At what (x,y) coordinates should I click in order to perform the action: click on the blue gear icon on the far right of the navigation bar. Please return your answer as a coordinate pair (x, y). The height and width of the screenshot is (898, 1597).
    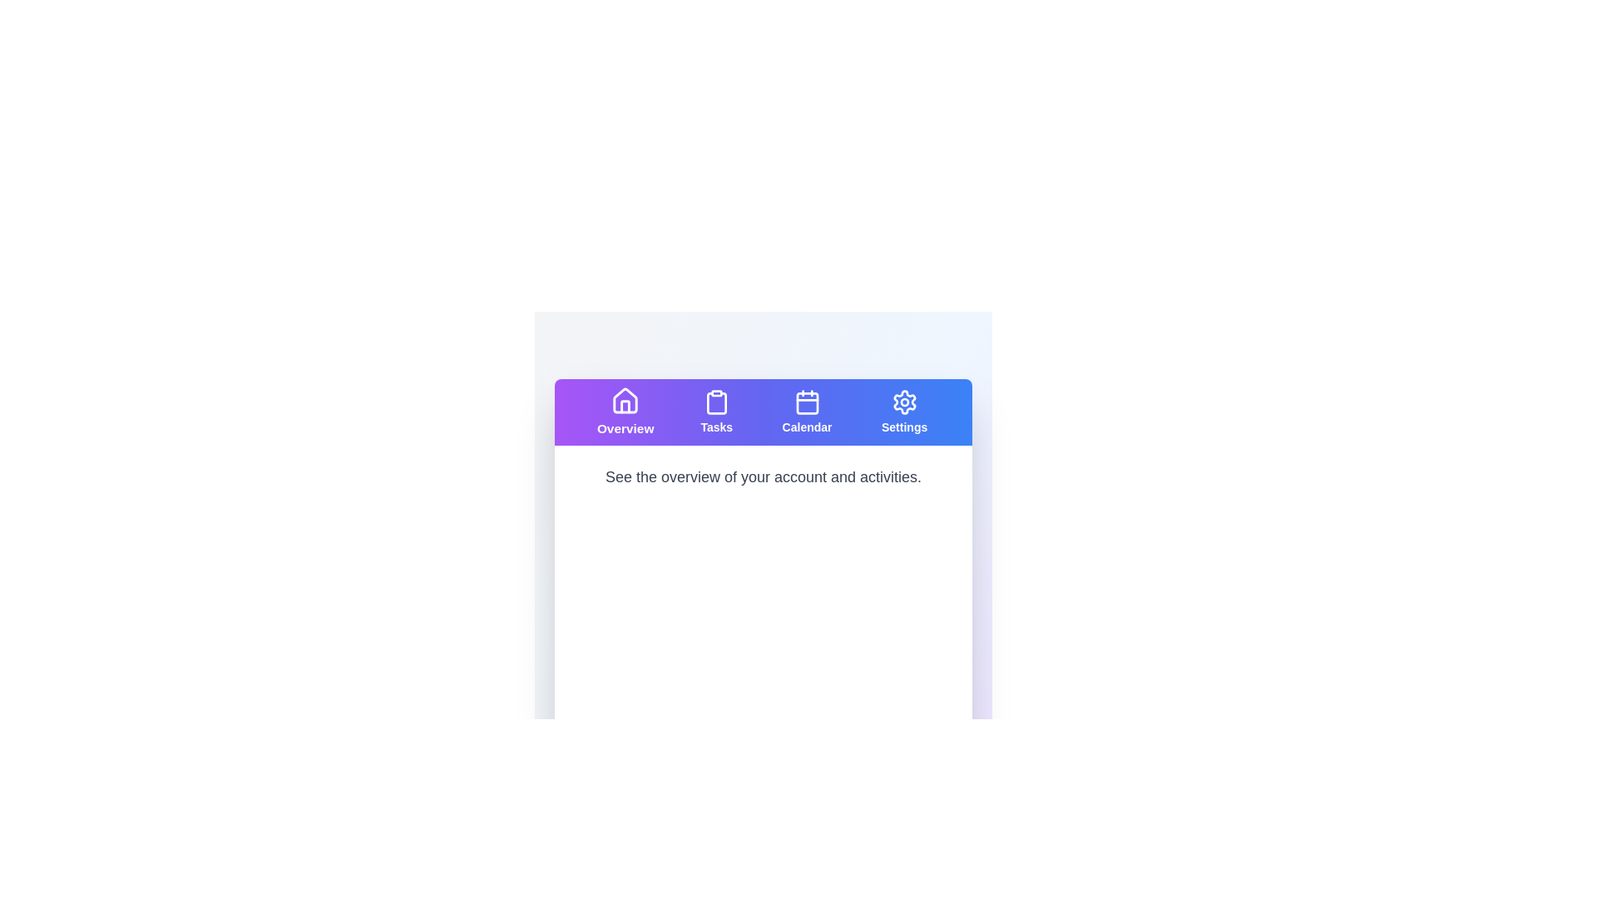
    Looking at the image, I should click on (903, 402).